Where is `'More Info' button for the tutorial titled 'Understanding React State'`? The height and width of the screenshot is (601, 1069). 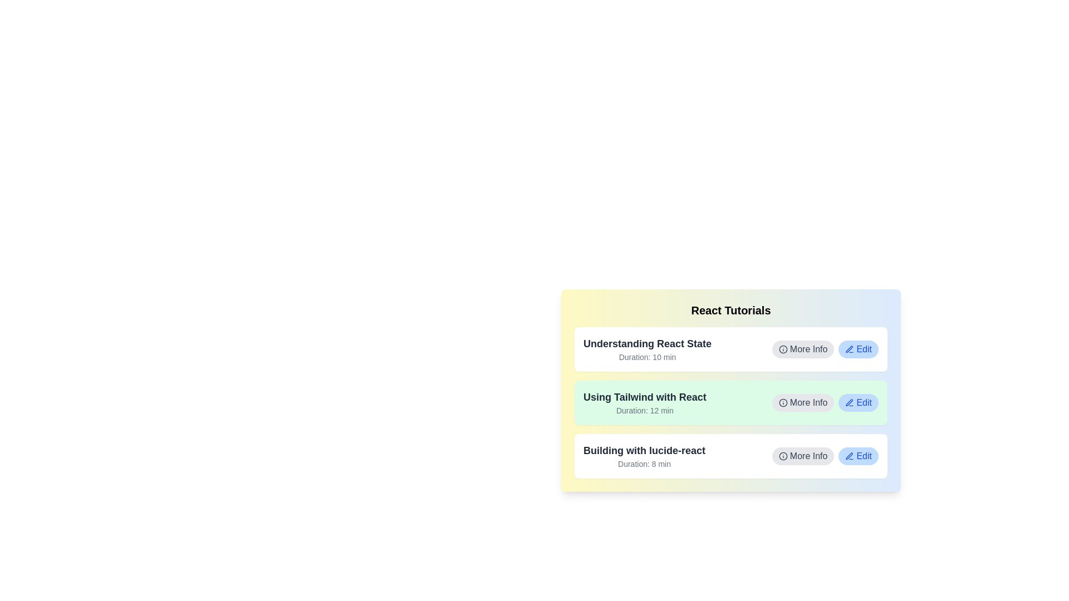
'More Info' button for the tutorial titled 'Understanding React State' is located at coordinates (803, 349).